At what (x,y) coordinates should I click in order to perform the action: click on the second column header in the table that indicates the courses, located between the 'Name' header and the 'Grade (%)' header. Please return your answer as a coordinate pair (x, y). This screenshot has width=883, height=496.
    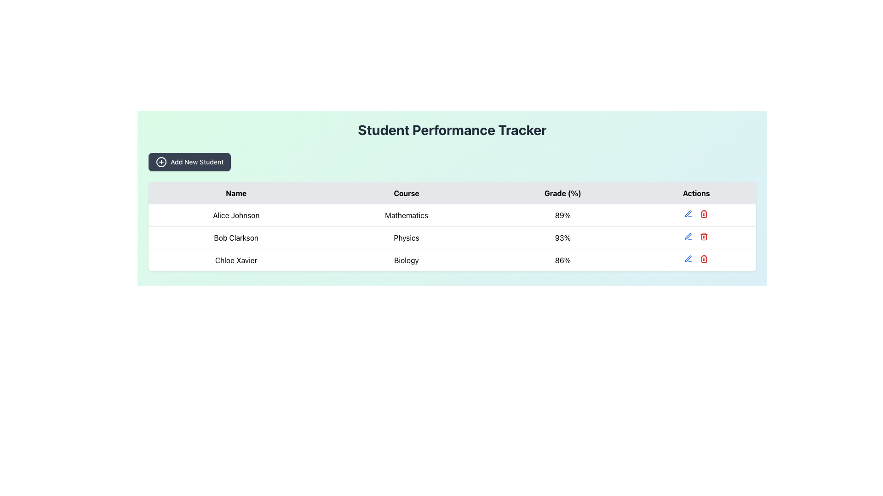
    Looking at the image, I should click on (406, 192).